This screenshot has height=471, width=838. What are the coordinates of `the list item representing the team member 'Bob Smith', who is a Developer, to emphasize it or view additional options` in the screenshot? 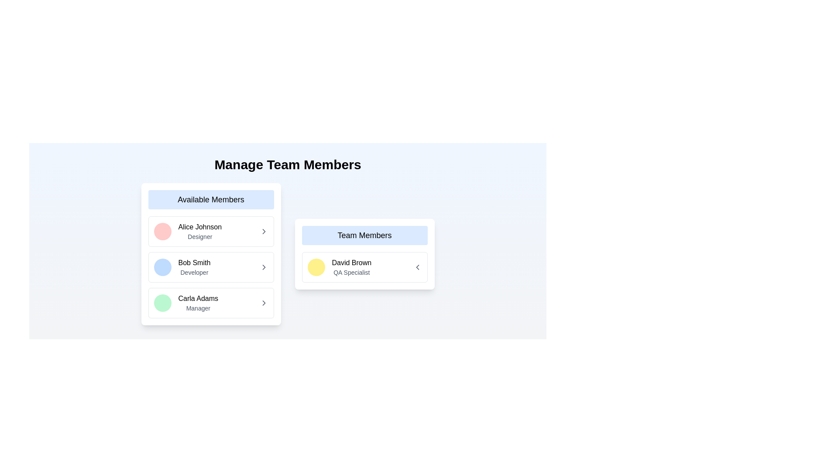 It's located at (211, 267).